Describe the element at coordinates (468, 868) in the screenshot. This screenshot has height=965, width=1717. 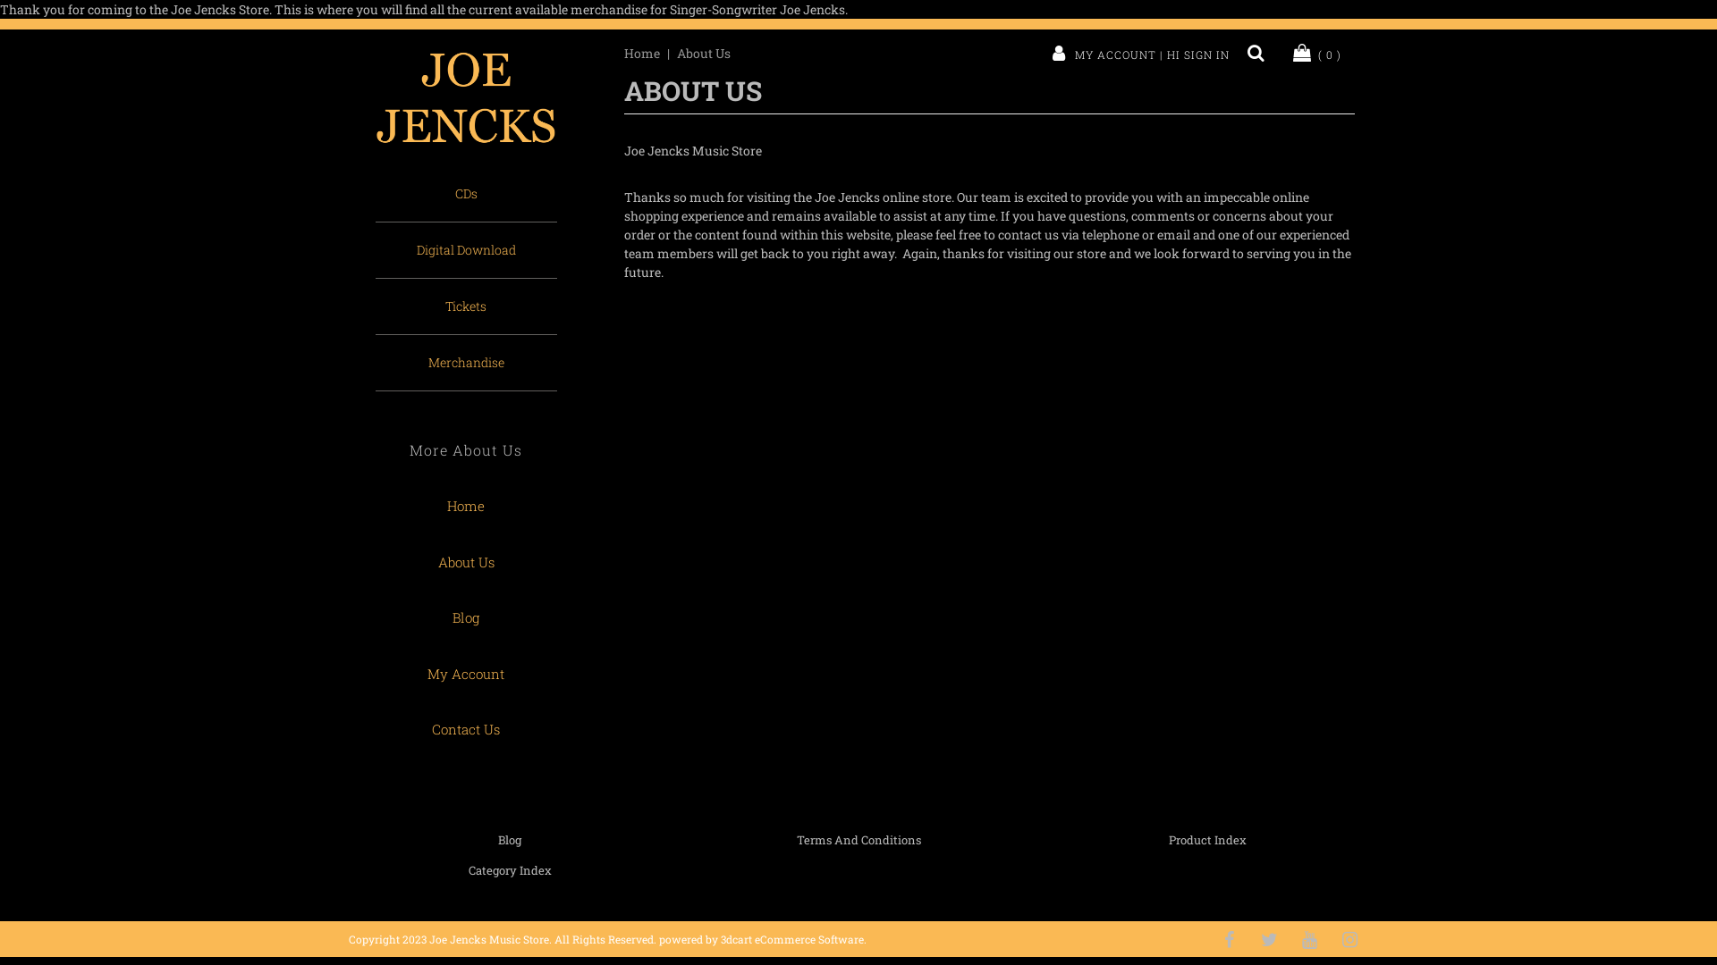
I see `'Category Index'` at that location.